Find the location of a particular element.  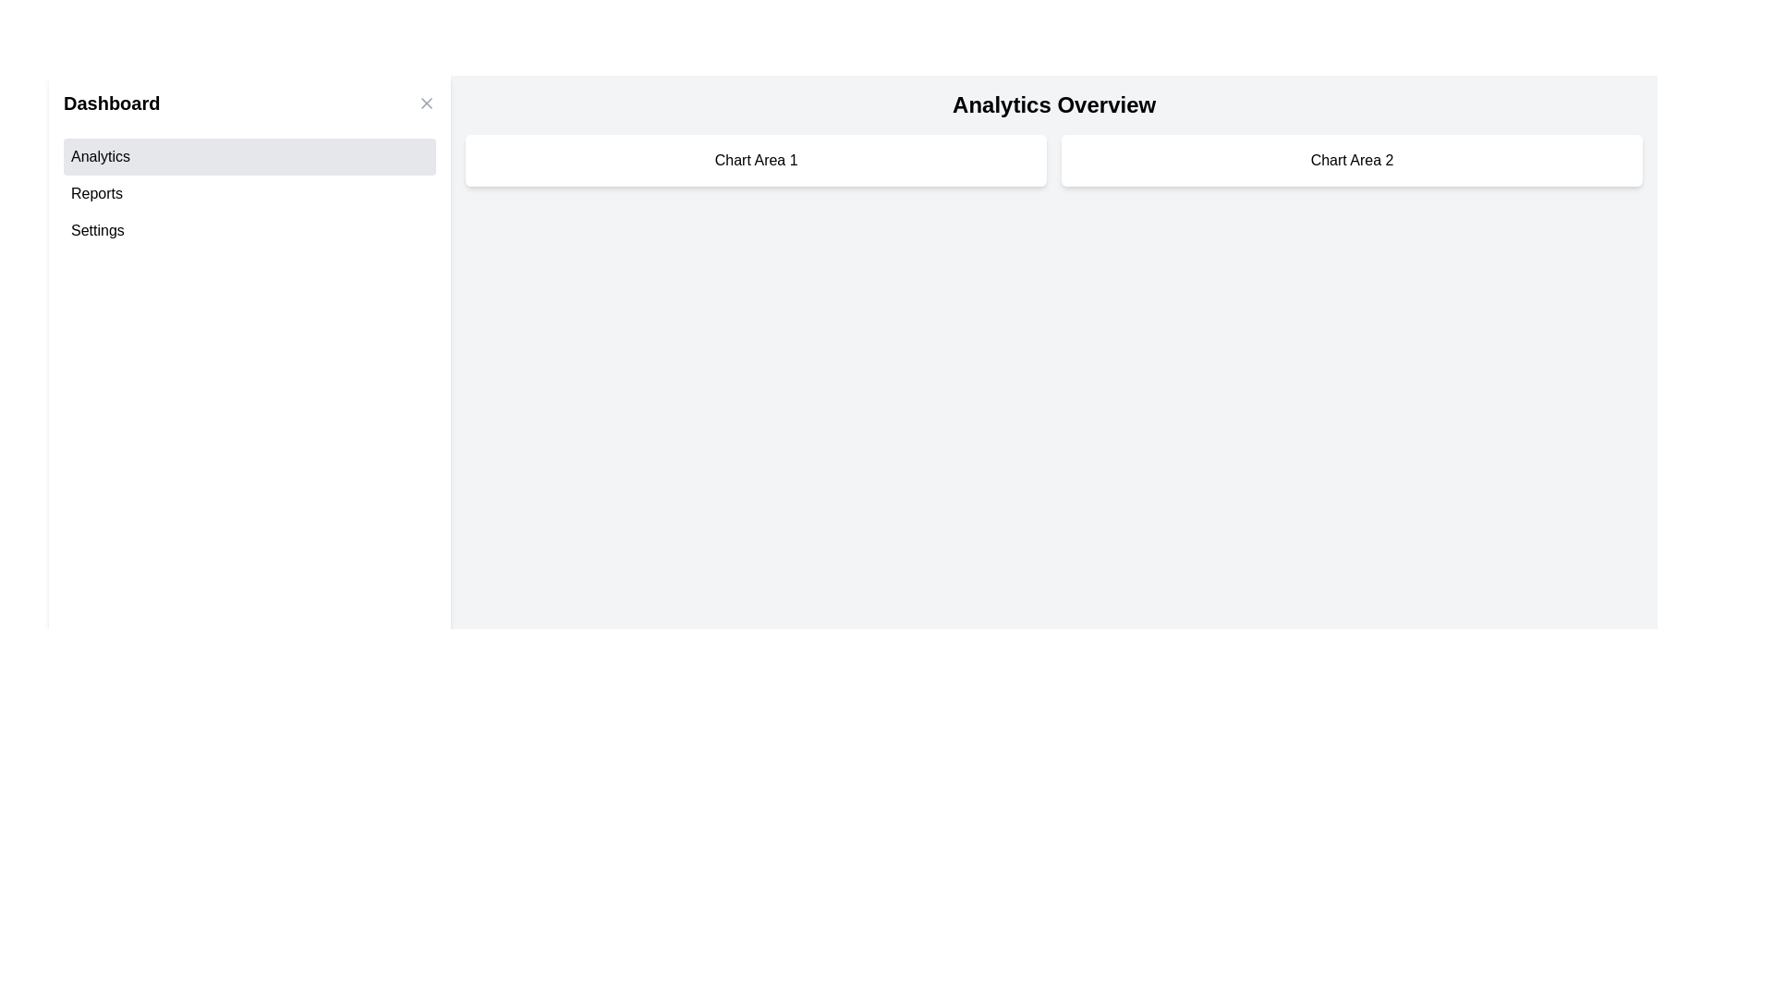

the close button in the top-right corner of the 'Dashboard' panel is located at coordinates (426, 103).